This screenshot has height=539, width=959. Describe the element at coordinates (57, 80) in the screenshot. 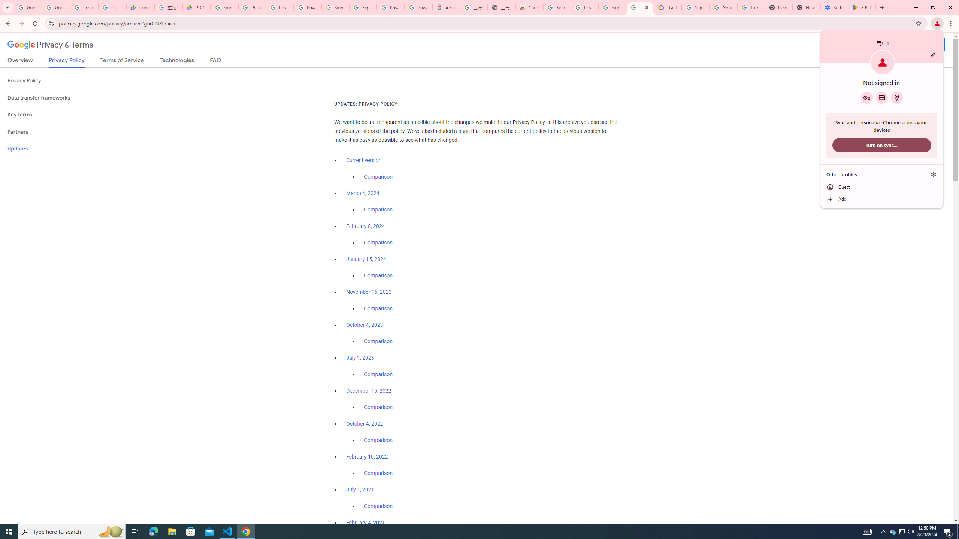

I see `'Privacy Policy'` at that location.